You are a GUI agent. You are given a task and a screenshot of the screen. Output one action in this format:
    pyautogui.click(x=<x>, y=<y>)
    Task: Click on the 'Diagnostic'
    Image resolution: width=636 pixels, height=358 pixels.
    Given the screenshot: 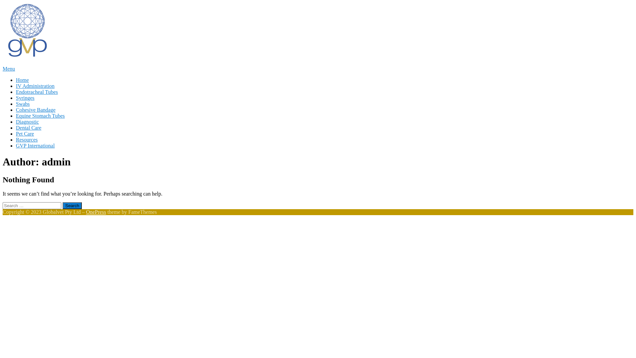 What is the action you would take?
    pyautogui.click(x=27, y=122)
    